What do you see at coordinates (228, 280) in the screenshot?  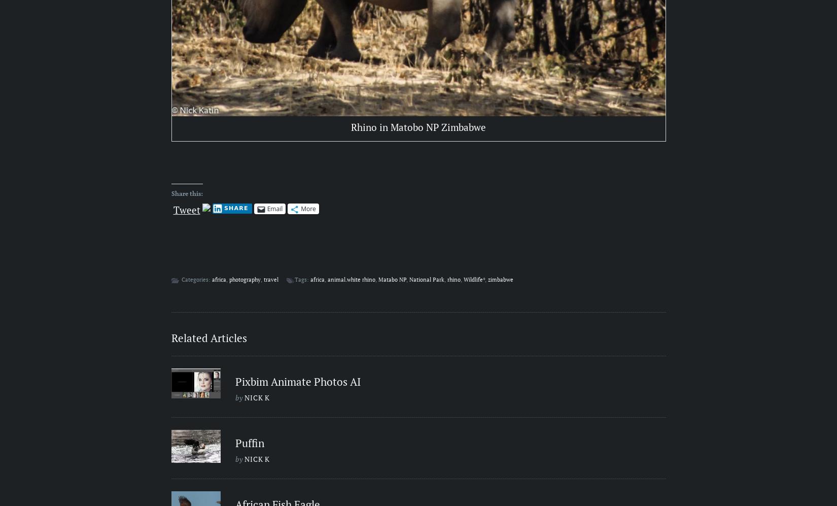 I see `'photography'` at bounding box center [228, 280].